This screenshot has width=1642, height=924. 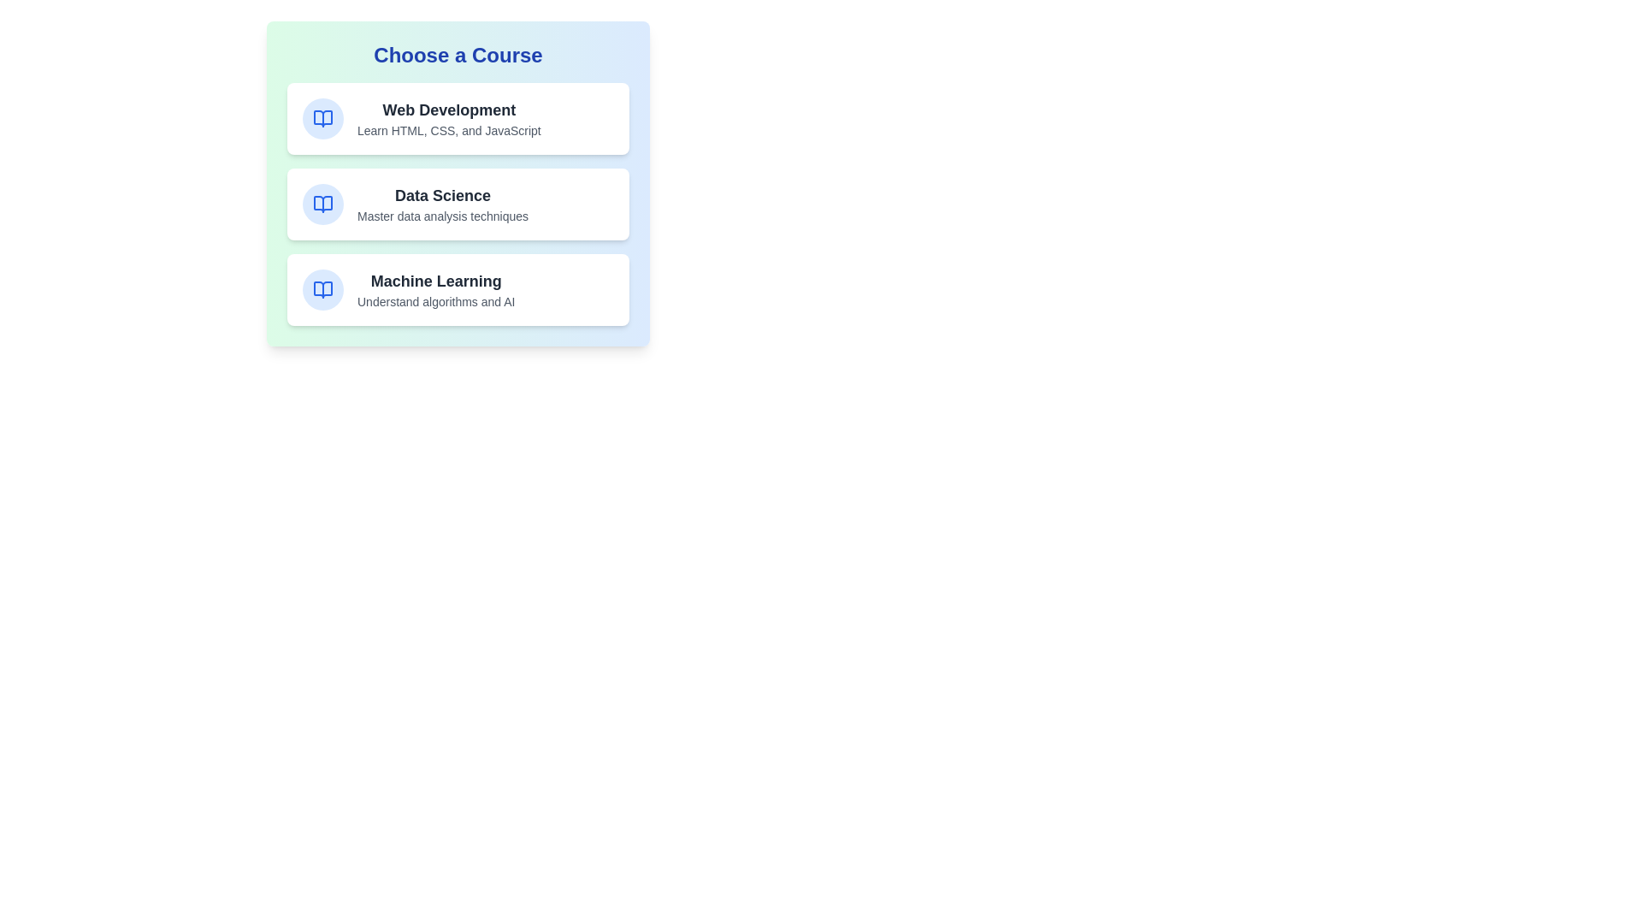 What do you see at coordinates (449, 117) in the screenshot?
I see `text block displaying 'Web Development' and its subtitle 'Learn HTML, CSS, and JavaScript', which is styled with a bold font for the header and a smaller grey font for the subtitle` at bounding box center [449, 117].